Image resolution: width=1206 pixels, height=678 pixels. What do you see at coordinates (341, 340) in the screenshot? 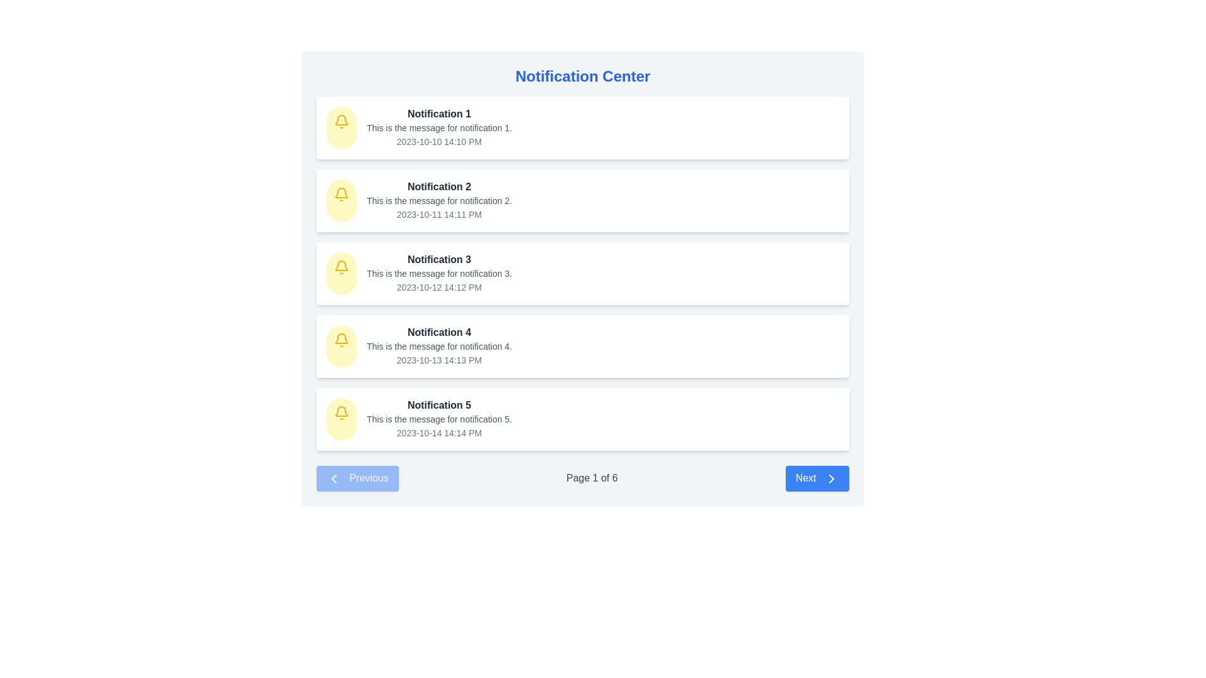
I see `the bell icon located at the center-left of the notification center` at bounding box center [341, 340].